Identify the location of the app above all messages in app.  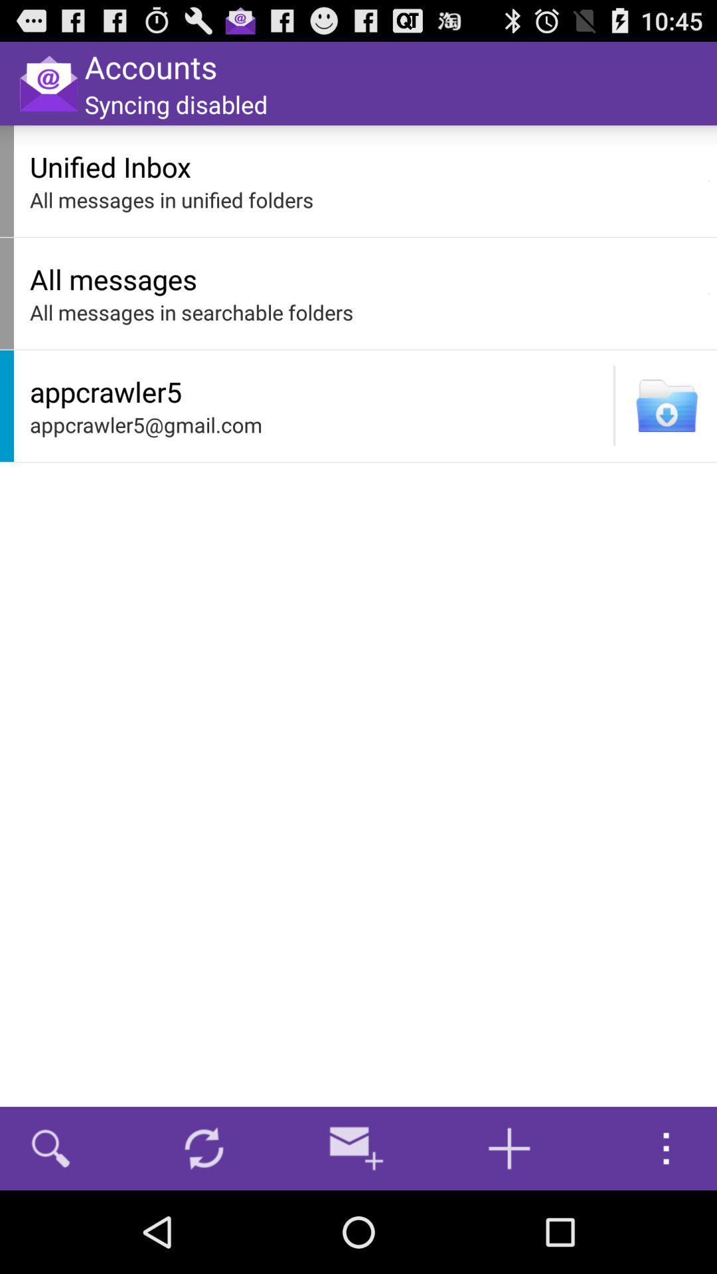
(708, 180).